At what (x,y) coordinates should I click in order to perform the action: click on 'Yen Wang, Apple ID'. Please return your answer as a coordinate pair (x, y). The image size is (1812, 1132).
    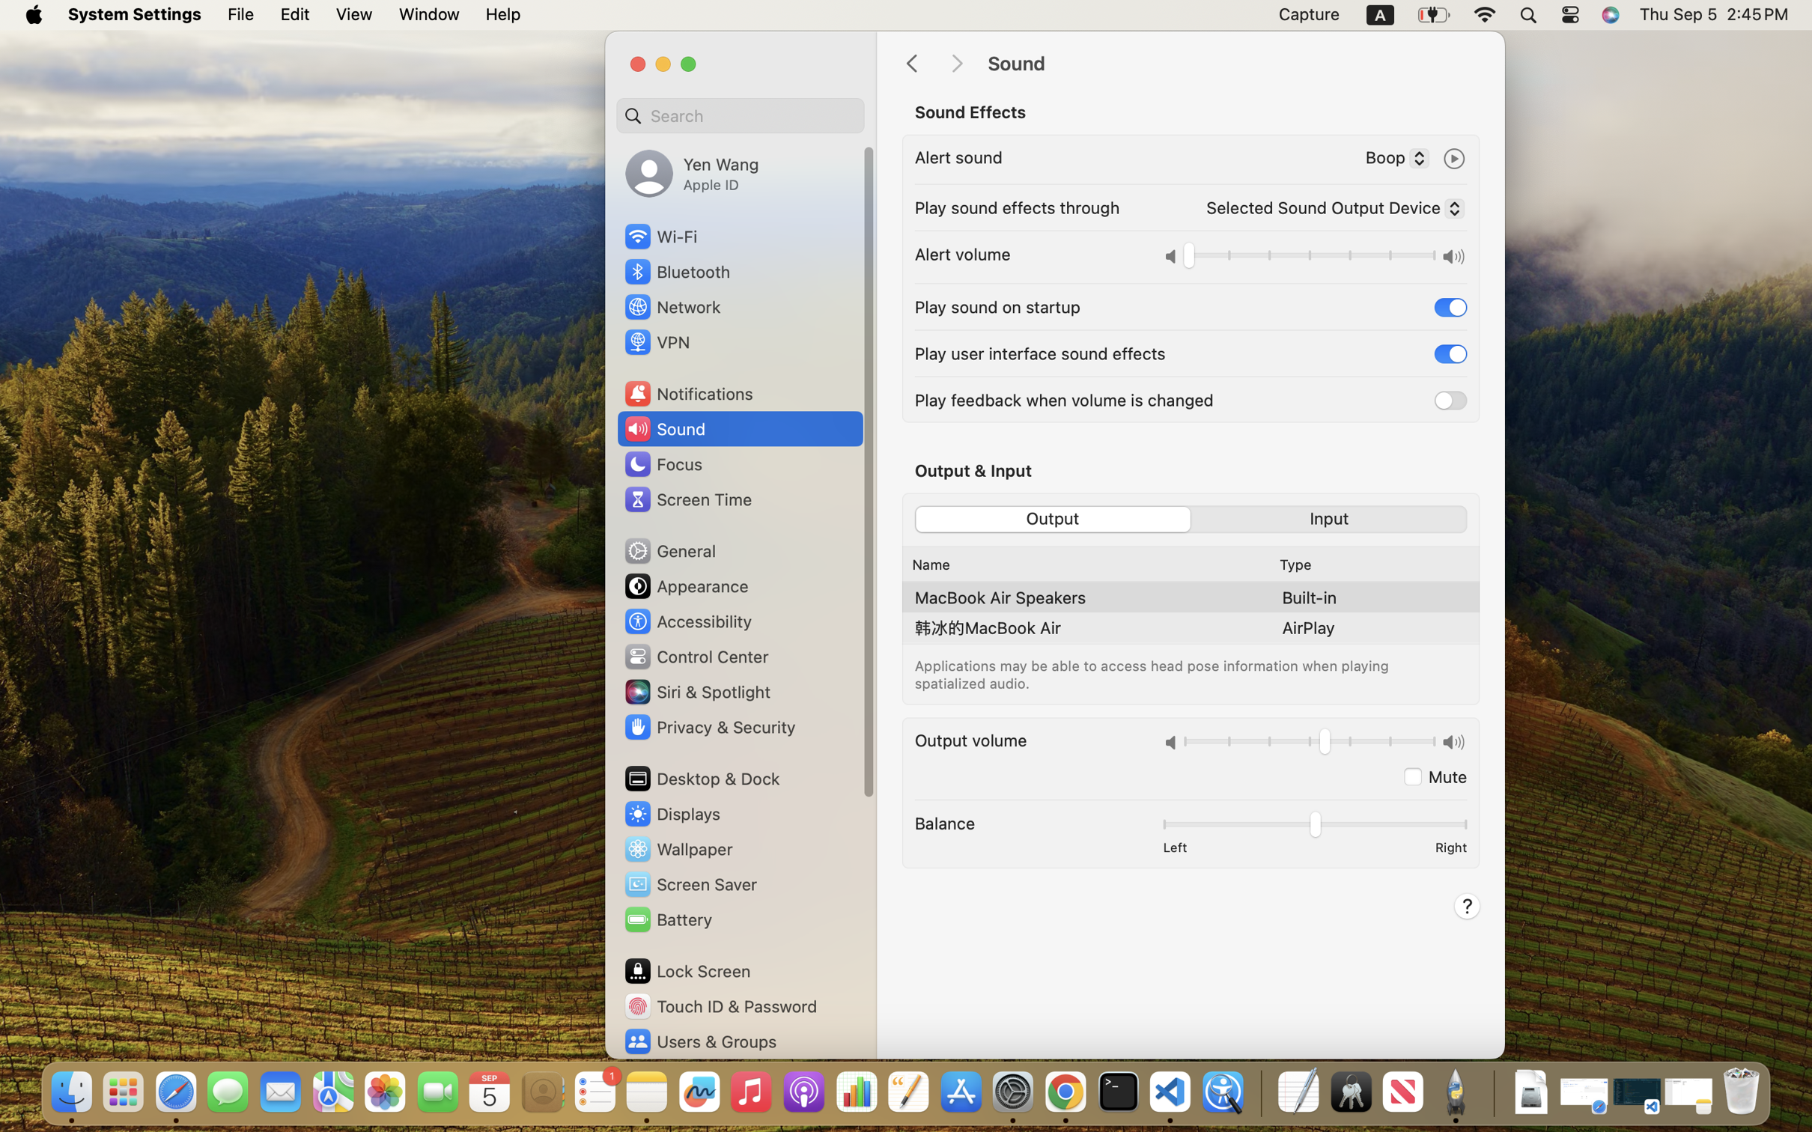
    Looking at the image, I should click on (691, 172).